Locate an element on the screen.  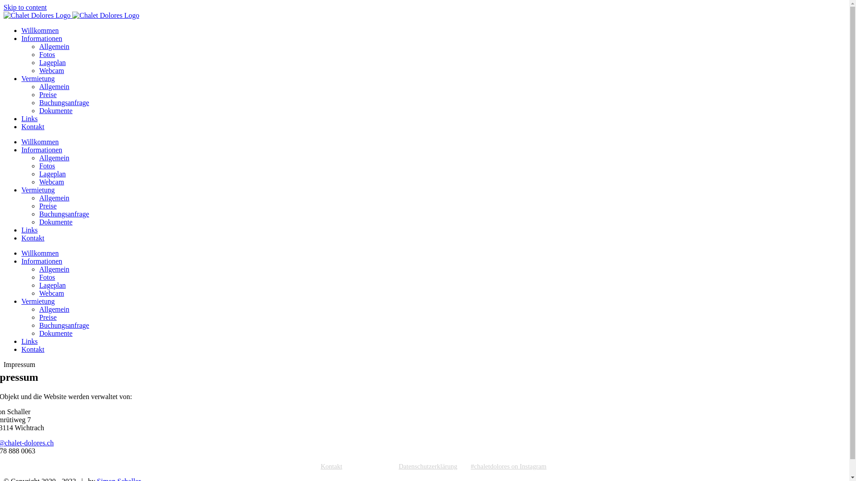
'Preise' is located at coordinates (47, 94).